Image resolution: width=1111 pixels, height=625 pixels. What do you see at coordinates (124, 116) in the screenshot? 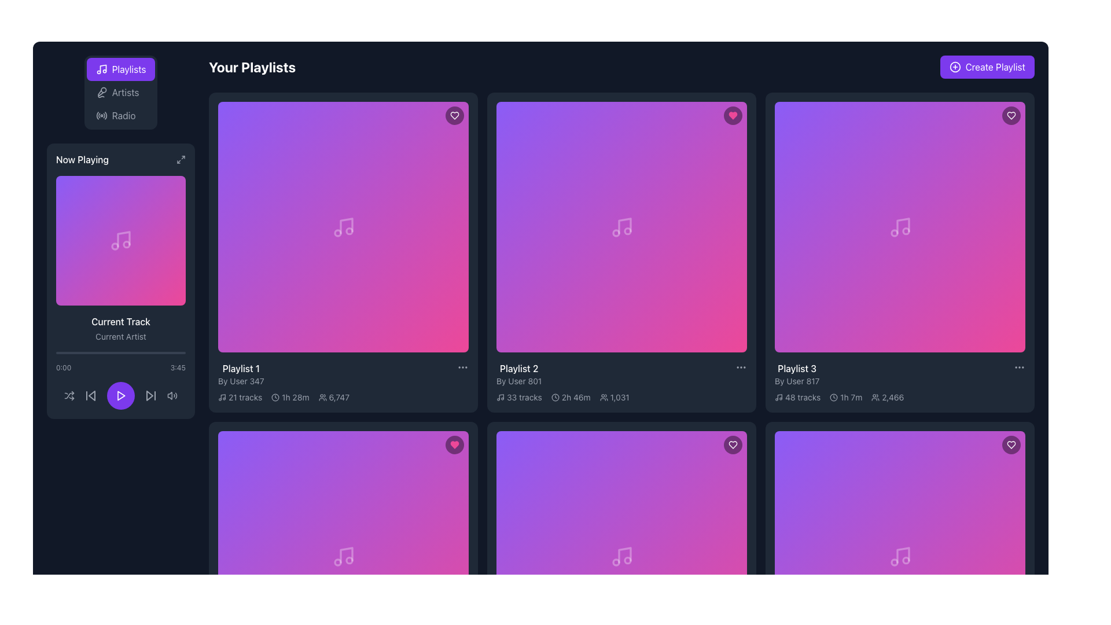
I see `the text label displaying 'Radio' in the navigation menu on the left-hand side` at bounding box center [124, 116].